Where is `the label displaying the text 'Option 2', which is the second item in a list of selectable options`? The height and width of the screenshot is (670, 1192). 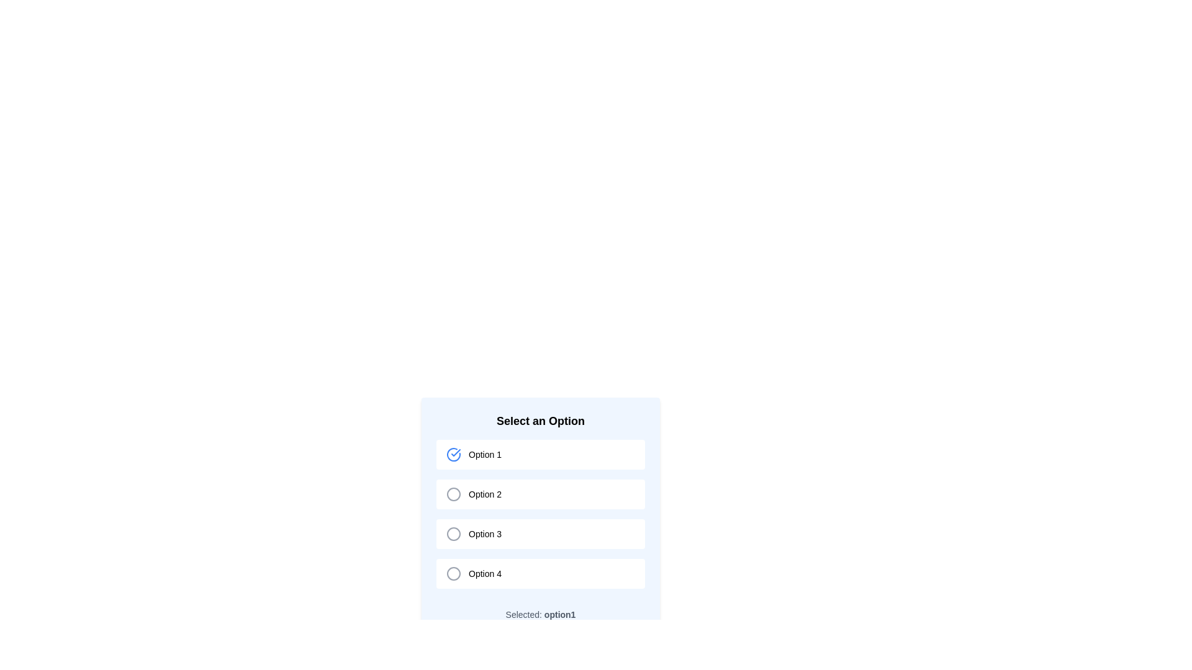 the label displaying the text 'Option 2', which is the second item in a list of selectable options is located at coordinates (484, 494).